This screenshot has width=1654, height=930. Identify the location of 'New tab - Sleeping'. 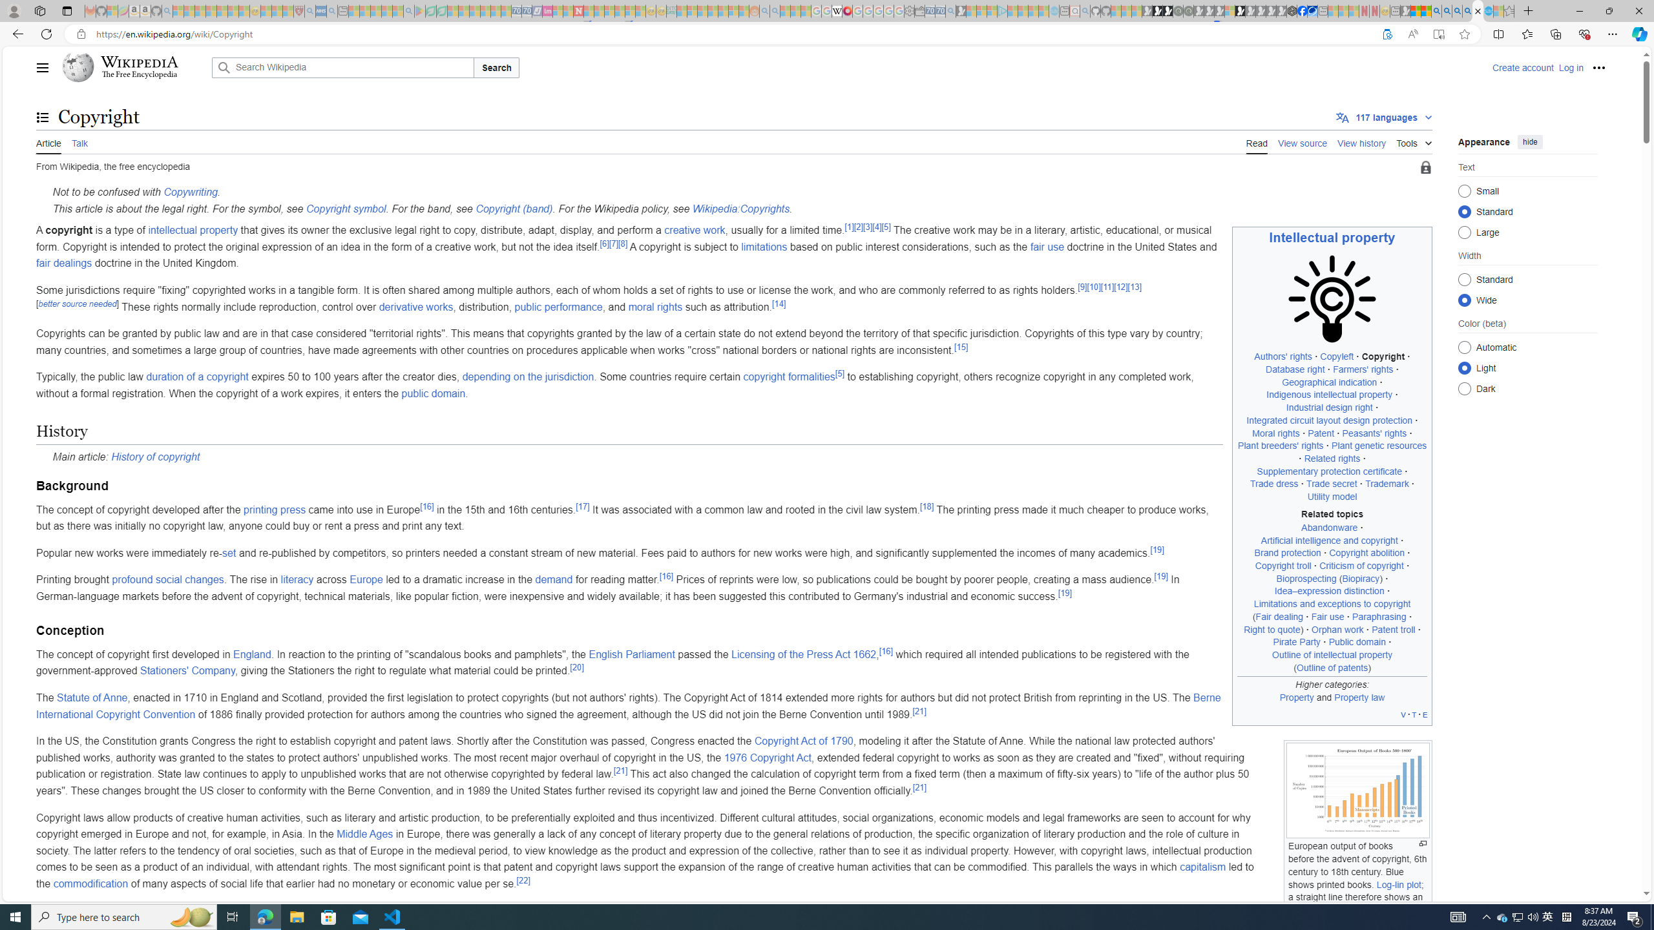
(1395, 10).